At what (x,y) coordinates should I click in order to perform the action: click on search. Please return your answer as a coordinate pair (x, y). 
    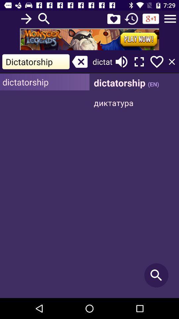
    Looking at the image, I should click on (44, 18).